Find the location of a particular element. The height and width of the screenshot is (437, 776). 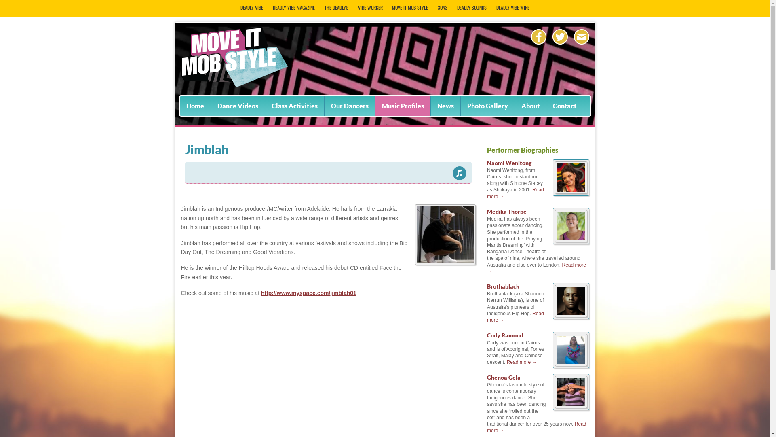

'http://www.myspace.com/jimblah01' is located at coordinates (261, 293).